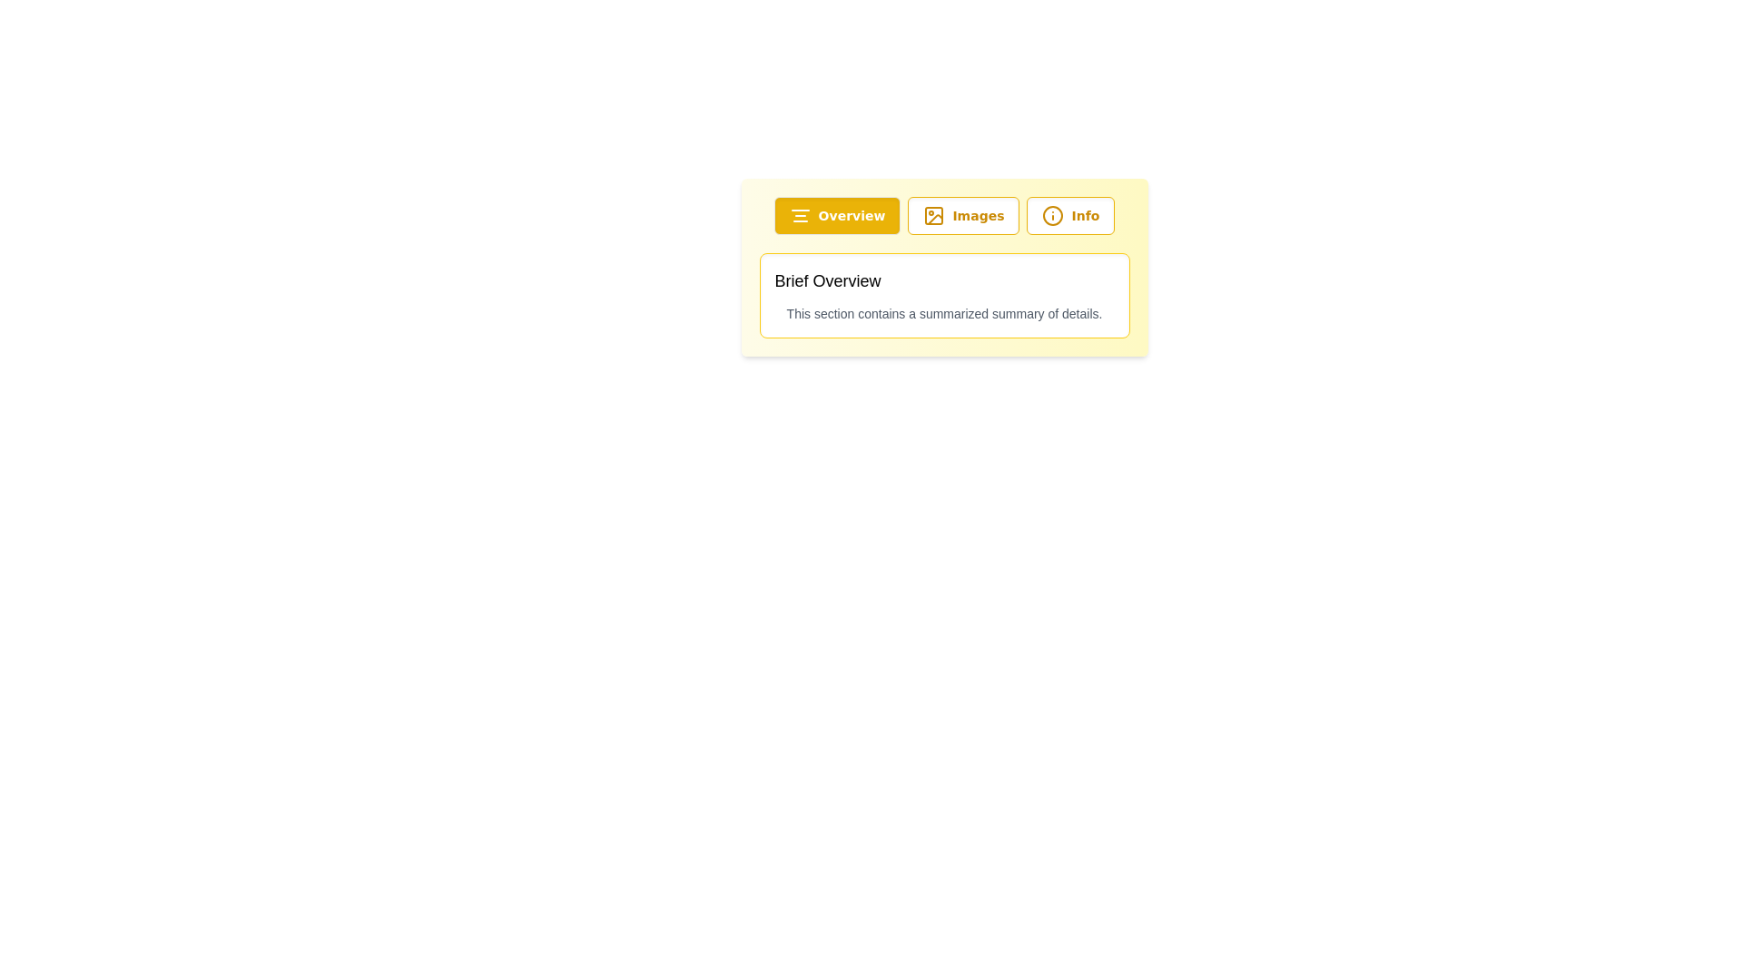  What do you see at coordinates (836, 215) in the screenshot?
I see `the 'Overview' button, which is a rectangular button with rounded corners, yellow background, and white text` at bounding box center [836, 215].